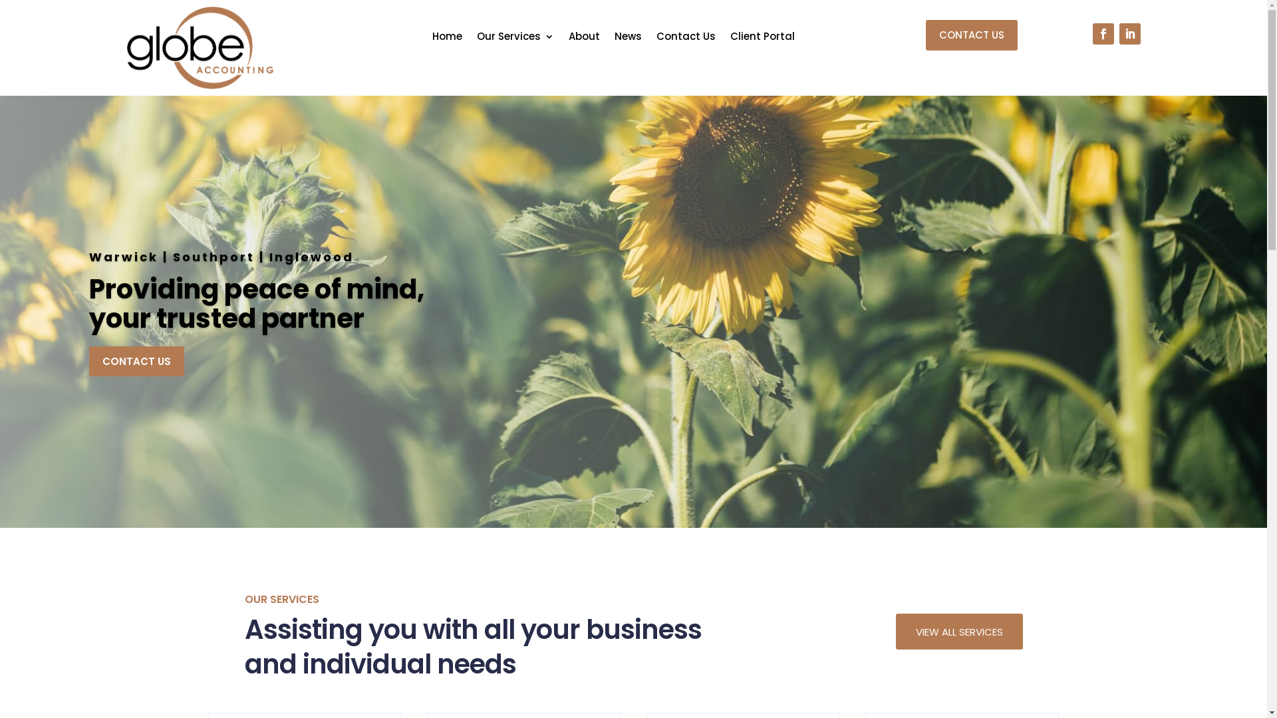  Describe the element at coordinates (447, 38) in the screenshot. I see `'Home'` at that location.